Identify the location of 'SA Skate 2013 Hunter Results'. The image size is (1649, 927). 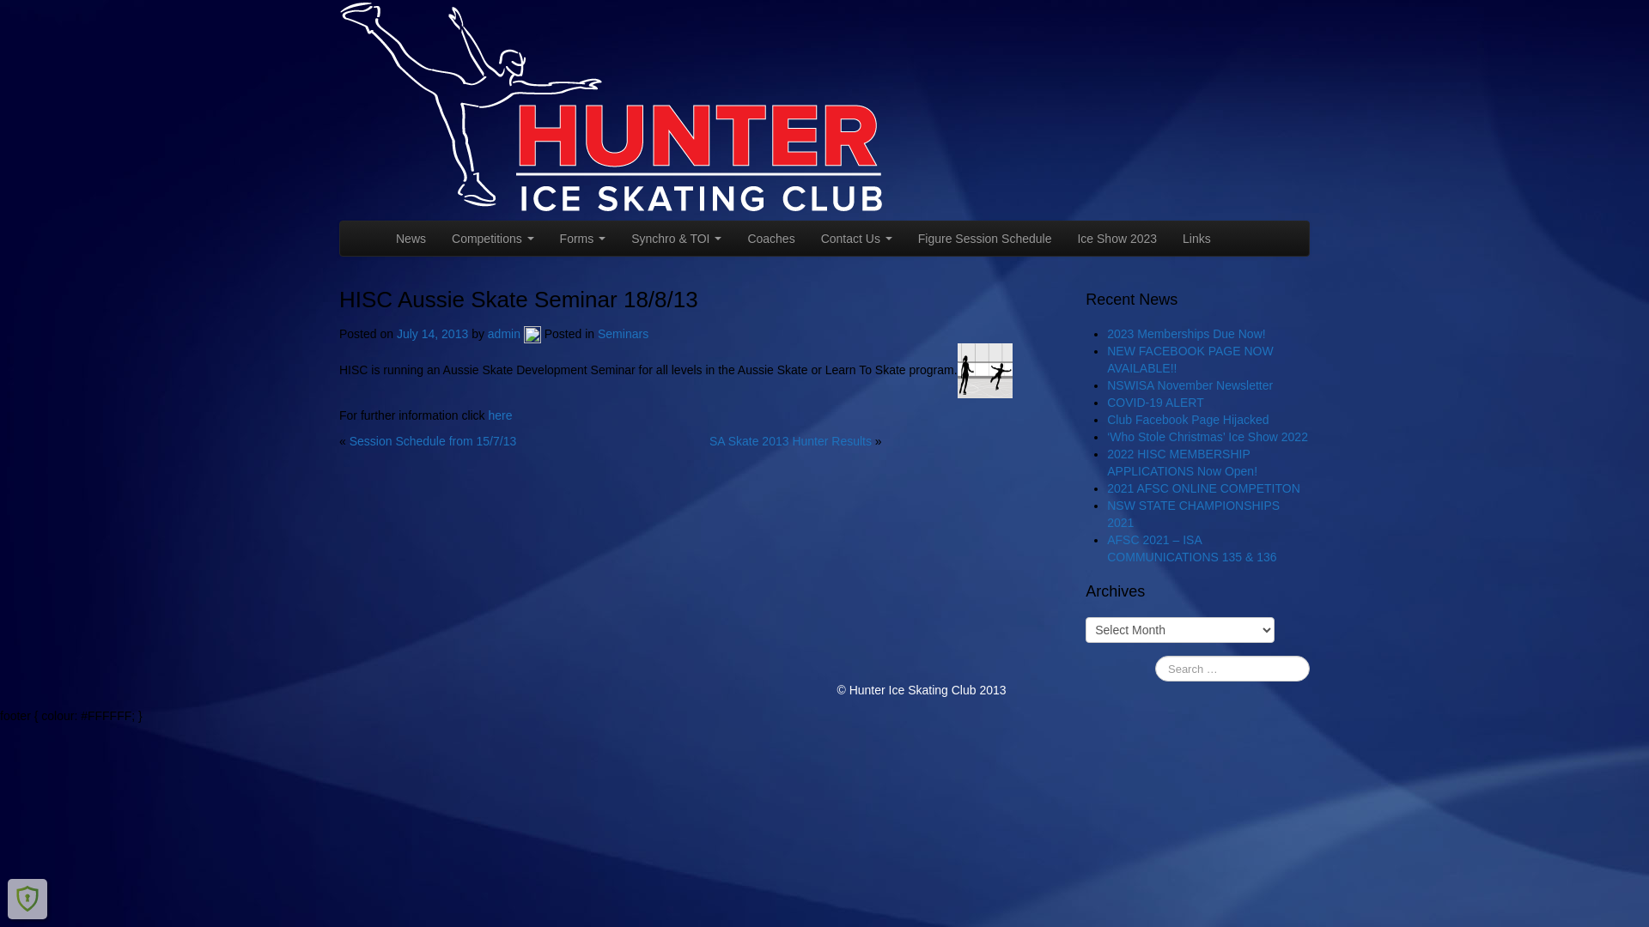
(789, 439).